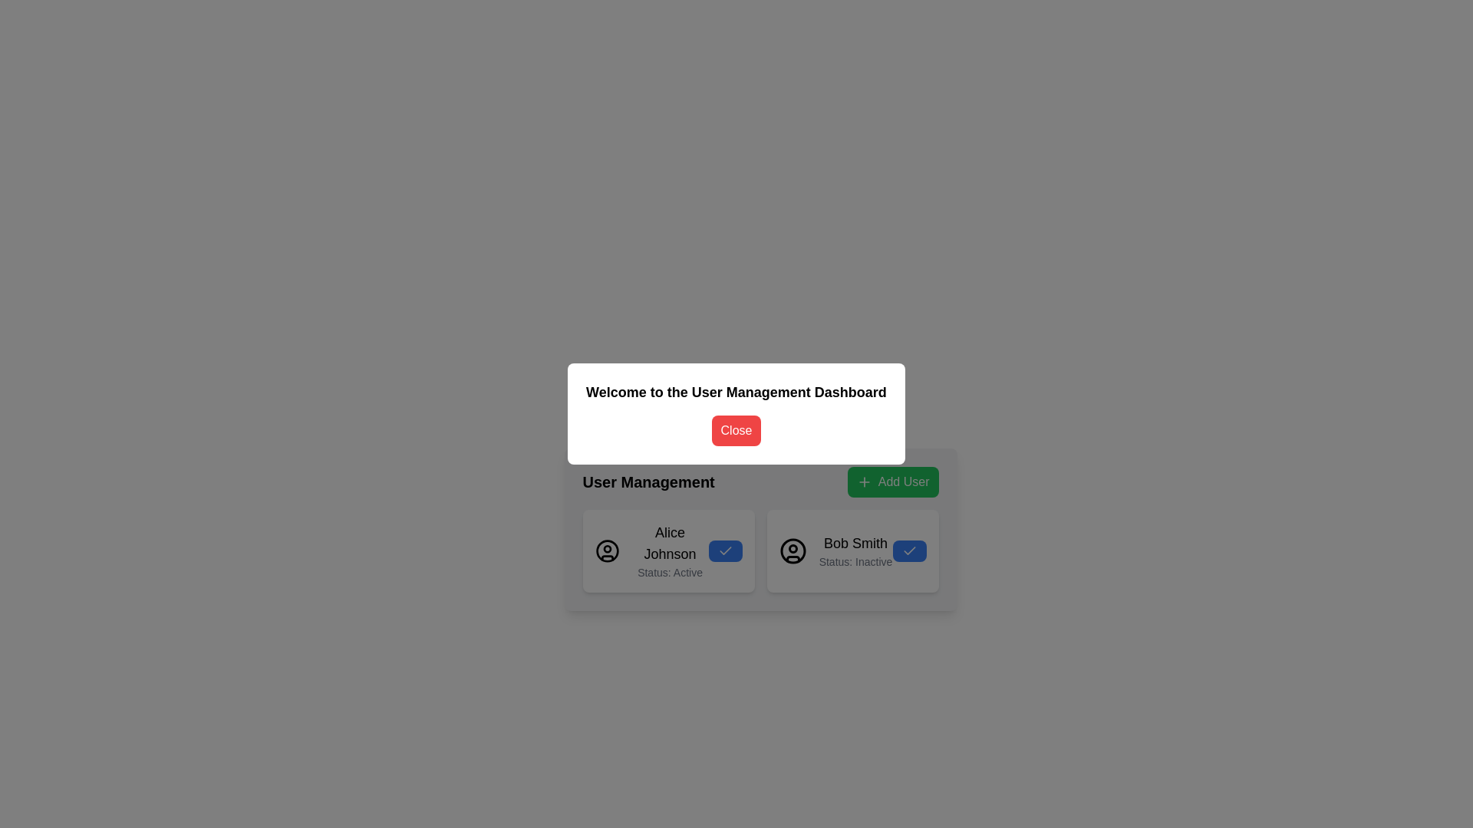 The width and height of the screenshot is (1473, 828). Describe the element at coordinates (724, 550) in the screenshot. I see `the checkmark icon in the blue button next to 'Alice Johnson' to interact with the user's active status` at that location.